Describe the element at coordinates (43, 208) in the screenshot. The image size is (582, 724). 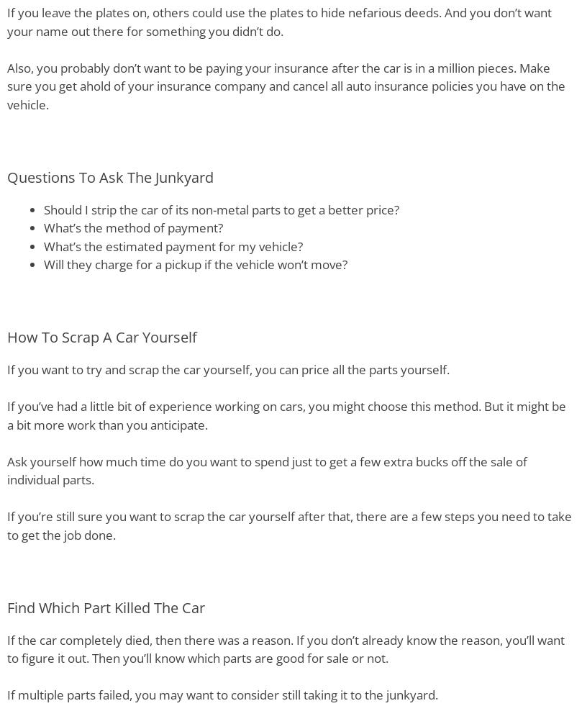
I see `'Should I strip the car of its non-metal parts to get a better price?'` at that location.